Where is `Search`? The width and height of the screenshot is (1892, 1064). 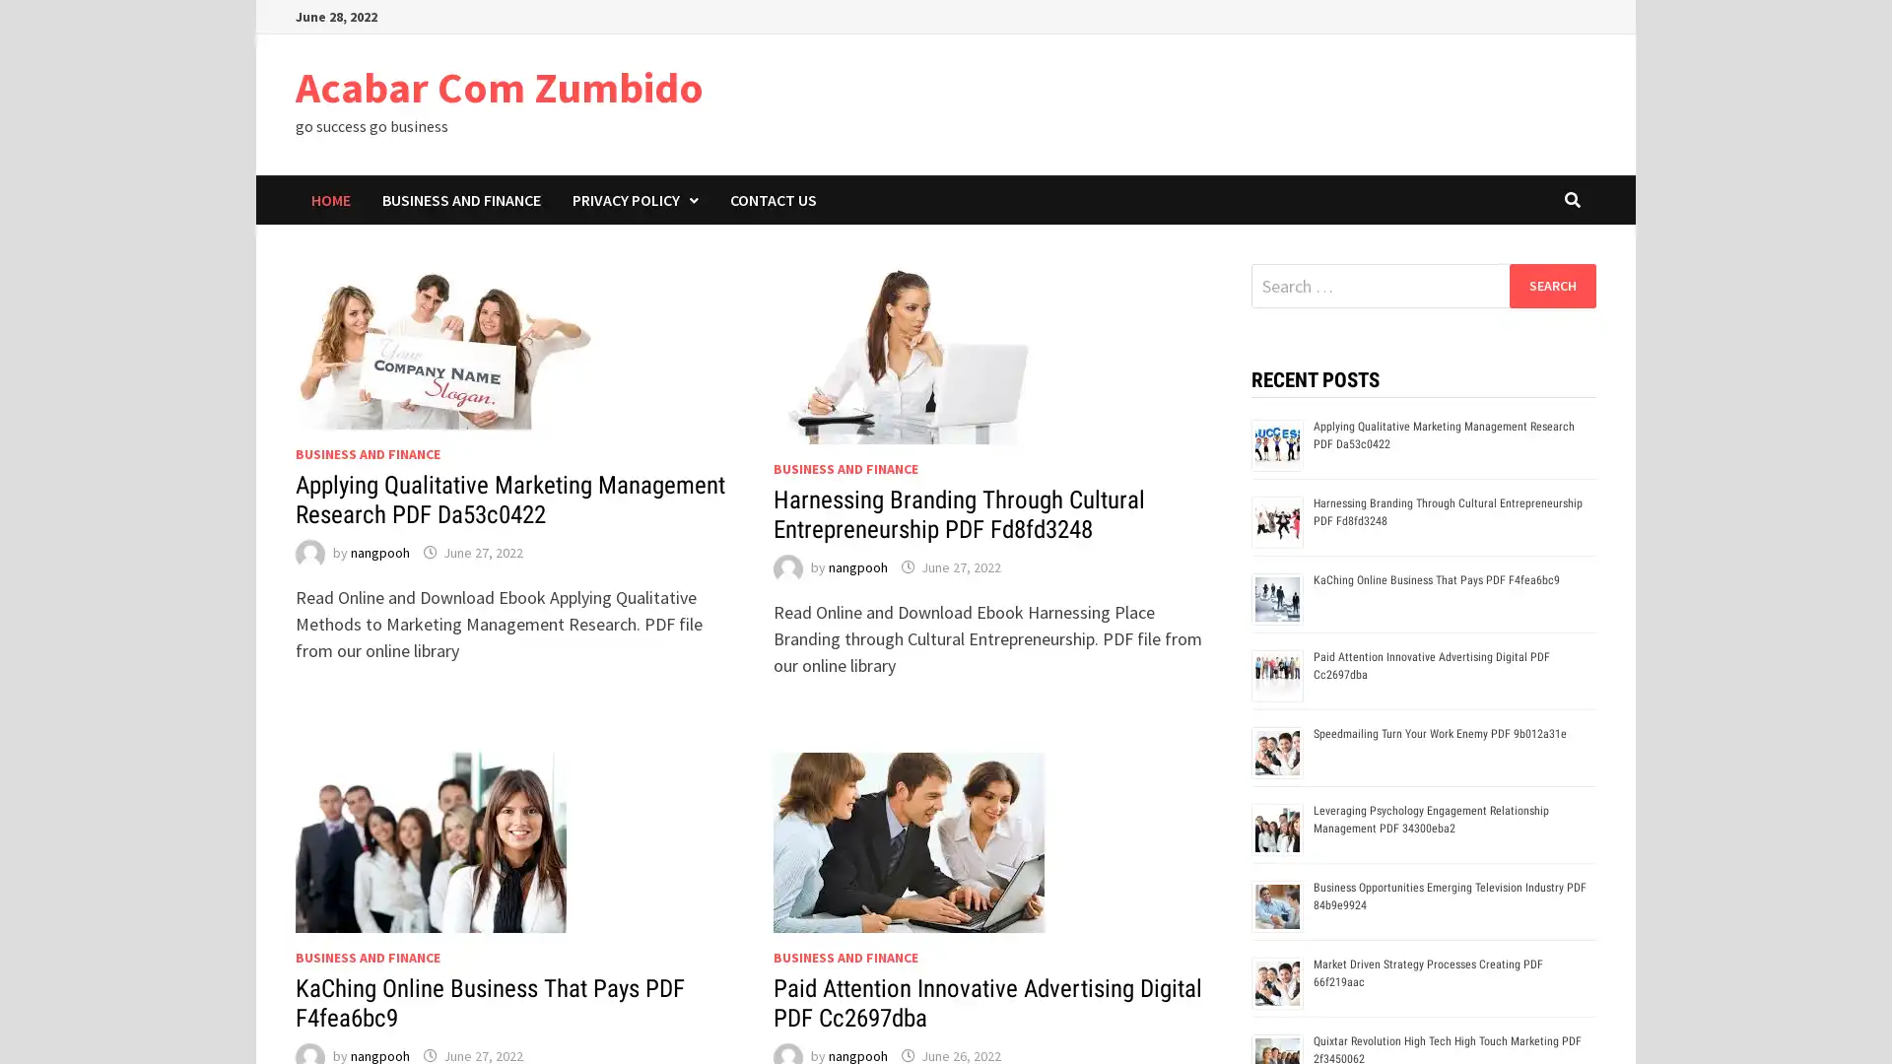 Search is located at coordinates (1551, 285).